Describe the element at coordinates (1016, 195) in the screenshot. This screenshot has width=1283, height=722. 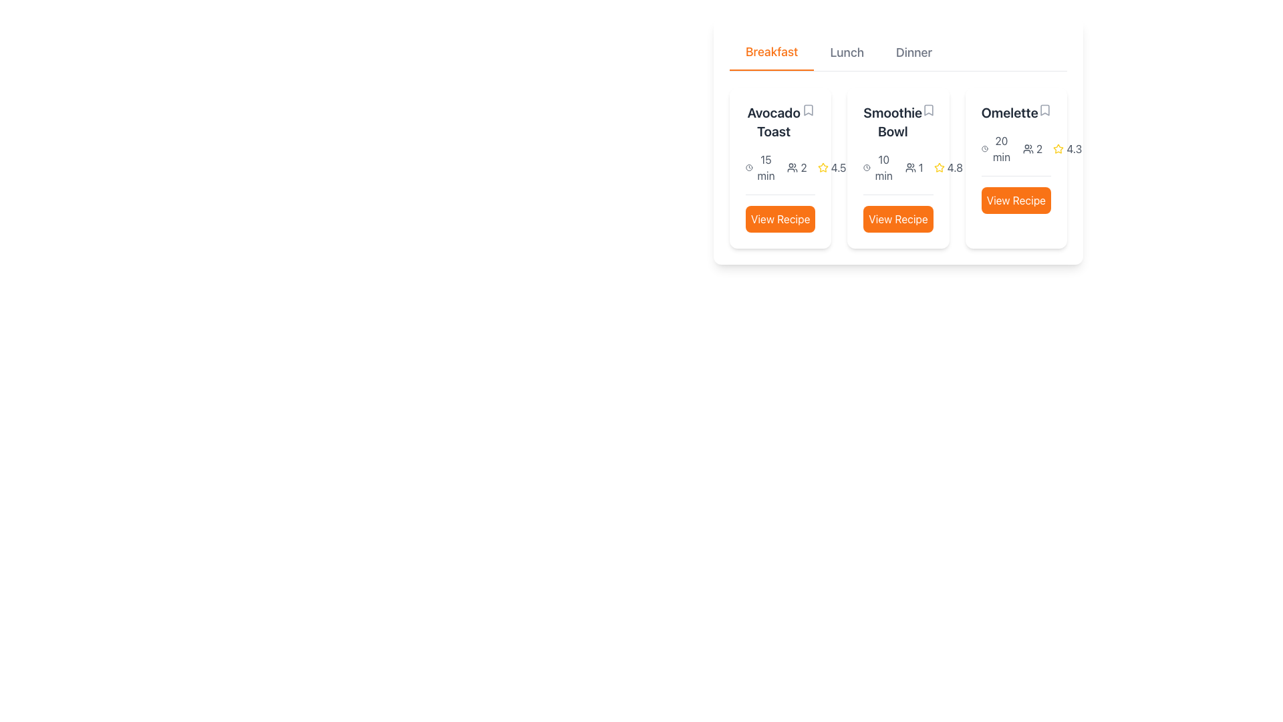
I see `the button located at the bottom of the 'Omelette' card in the 'Breakfast' section to observe a visual change` at that location.